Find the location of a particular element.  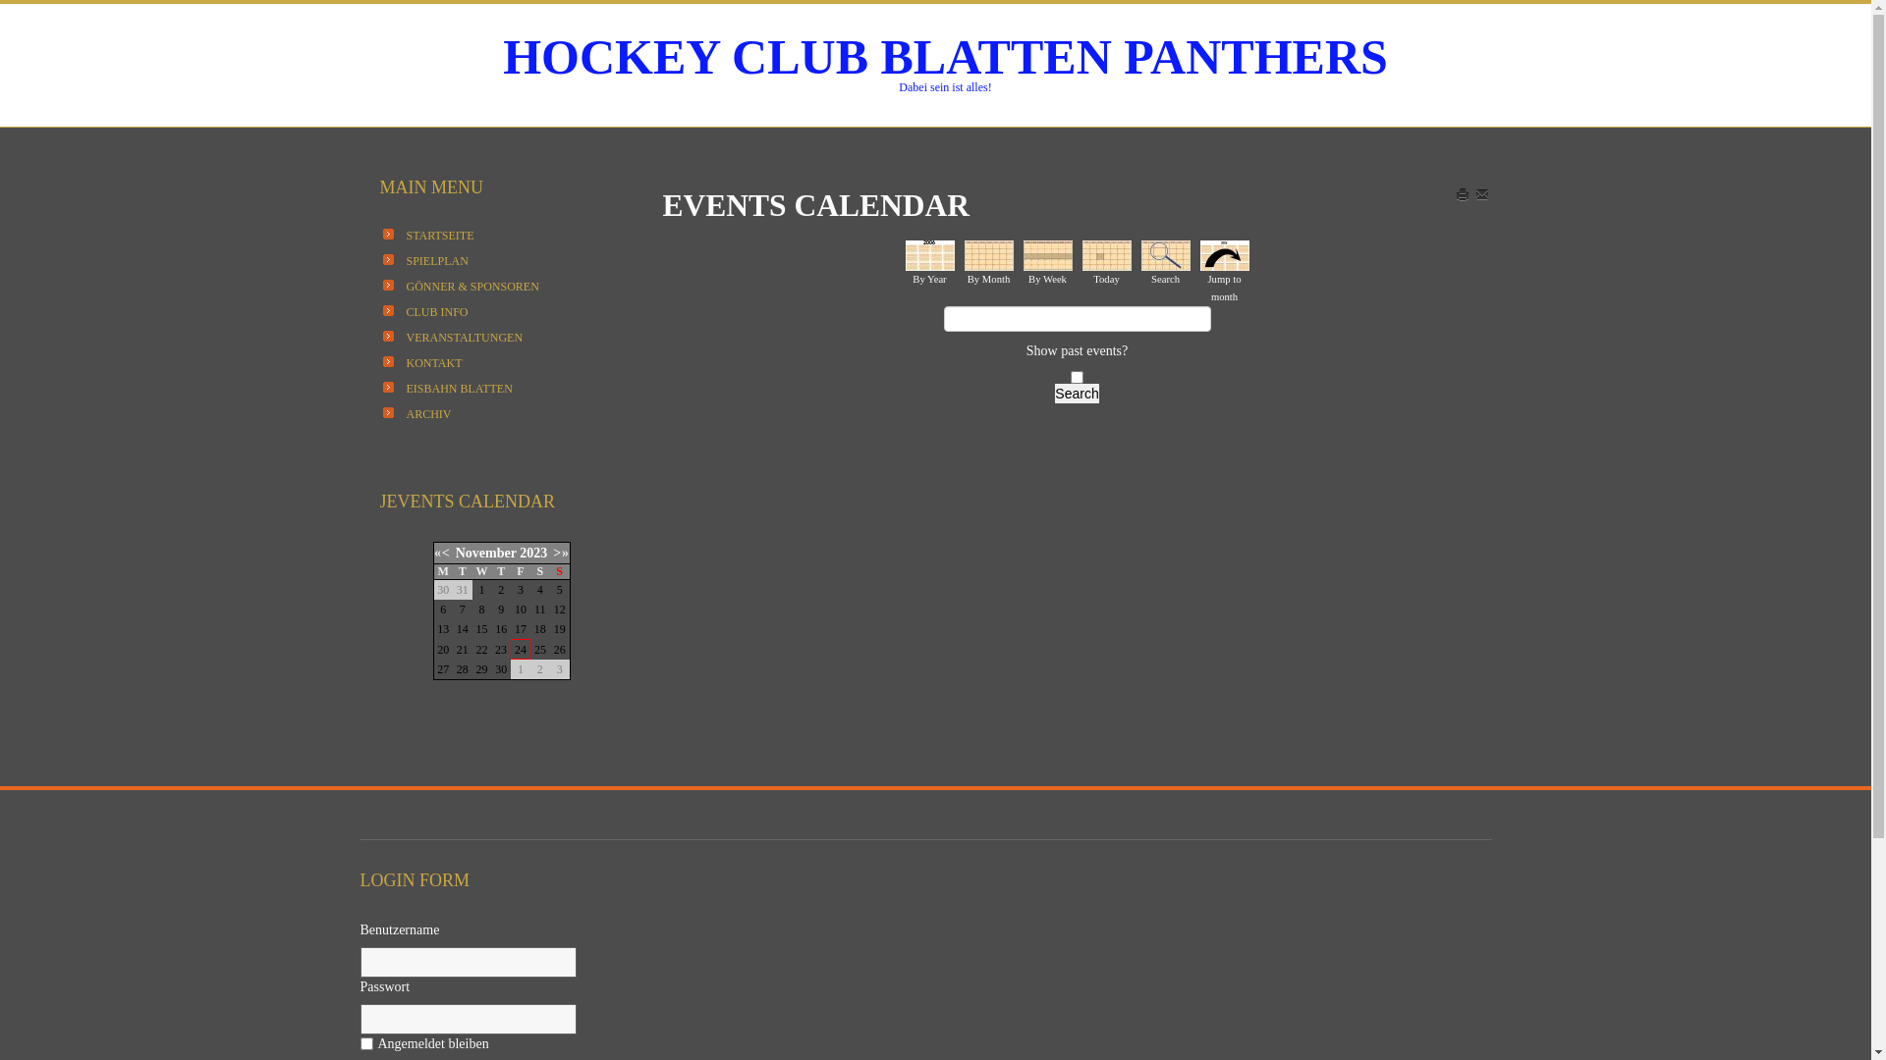

'EMAIL' is located at coordinates (1483, 193).